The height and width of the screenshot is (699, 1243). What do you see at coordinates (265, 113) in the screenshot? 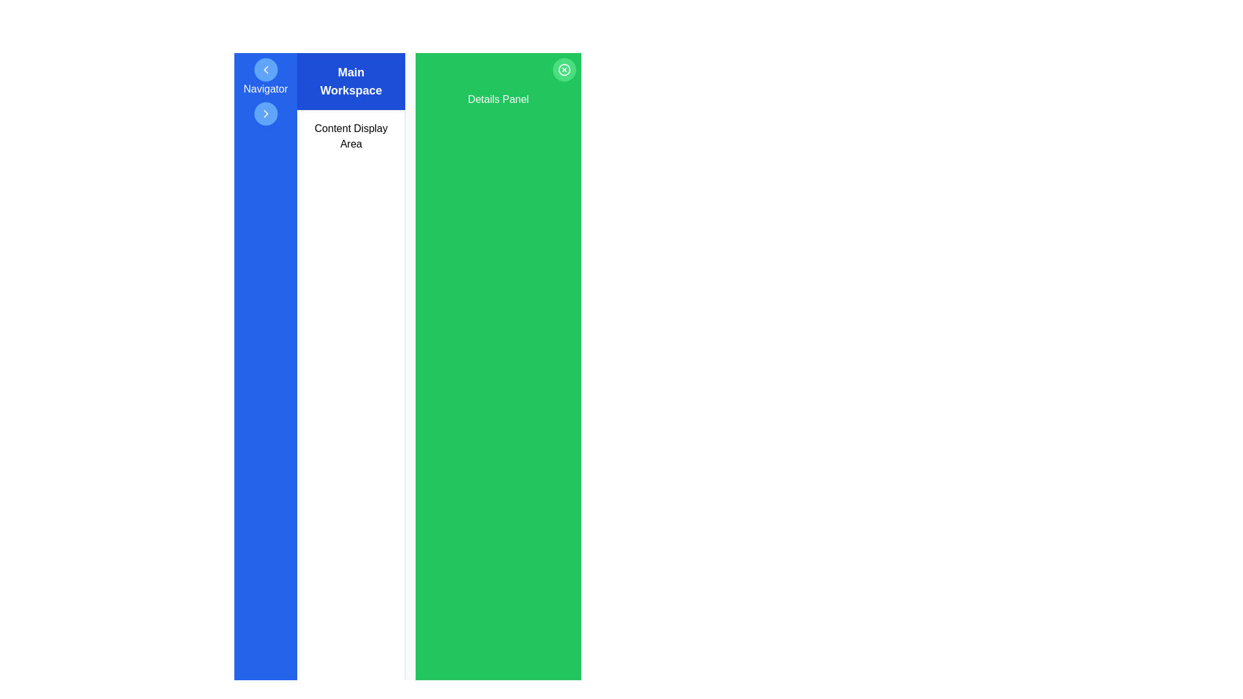
I see `the right-facing chevron icon with a blue outline located within the blue circular button in the left navigation column` at bounding box center [265, 113].